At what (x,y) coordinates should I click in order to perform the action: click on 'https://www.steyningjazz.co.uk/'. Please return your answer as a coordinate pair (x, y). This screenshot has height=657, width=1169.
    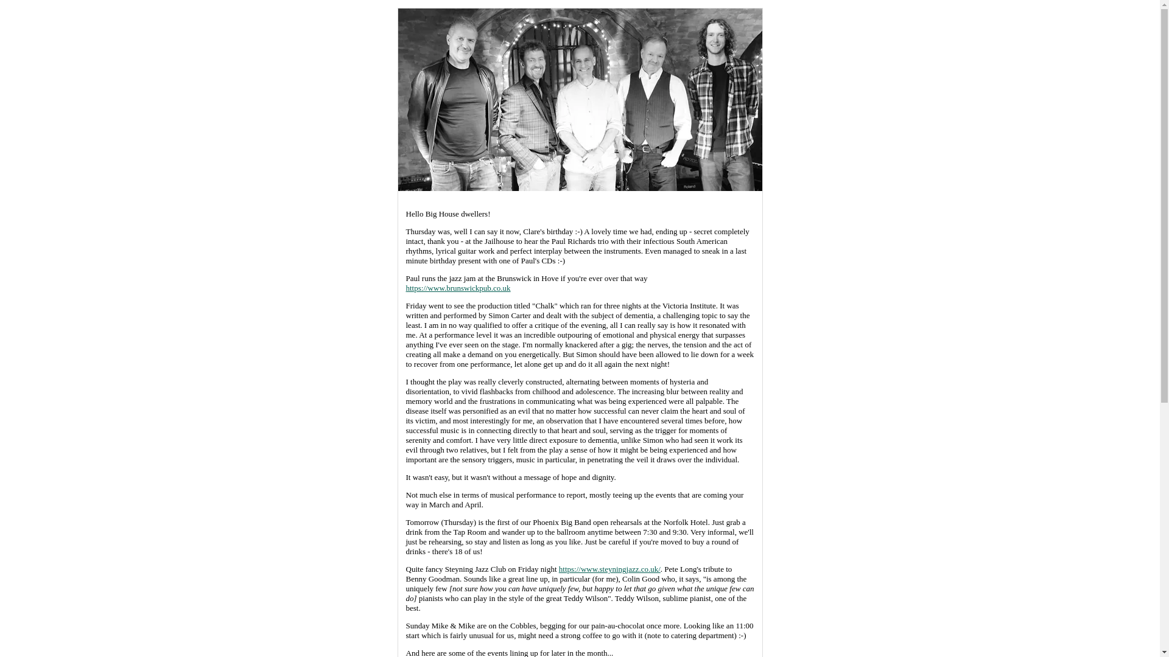
    Looking at the image, I should click on (609, 569).